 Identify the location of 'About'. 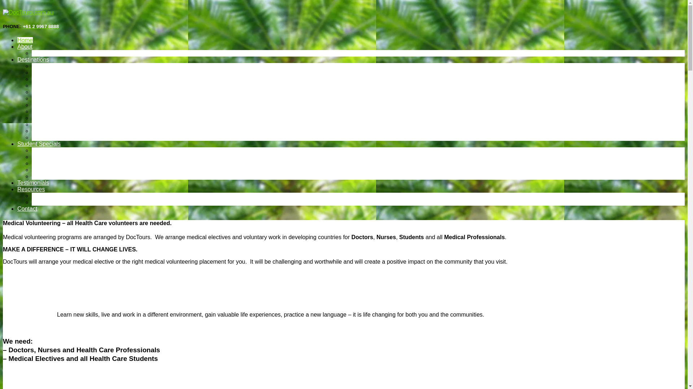
(25, 46).